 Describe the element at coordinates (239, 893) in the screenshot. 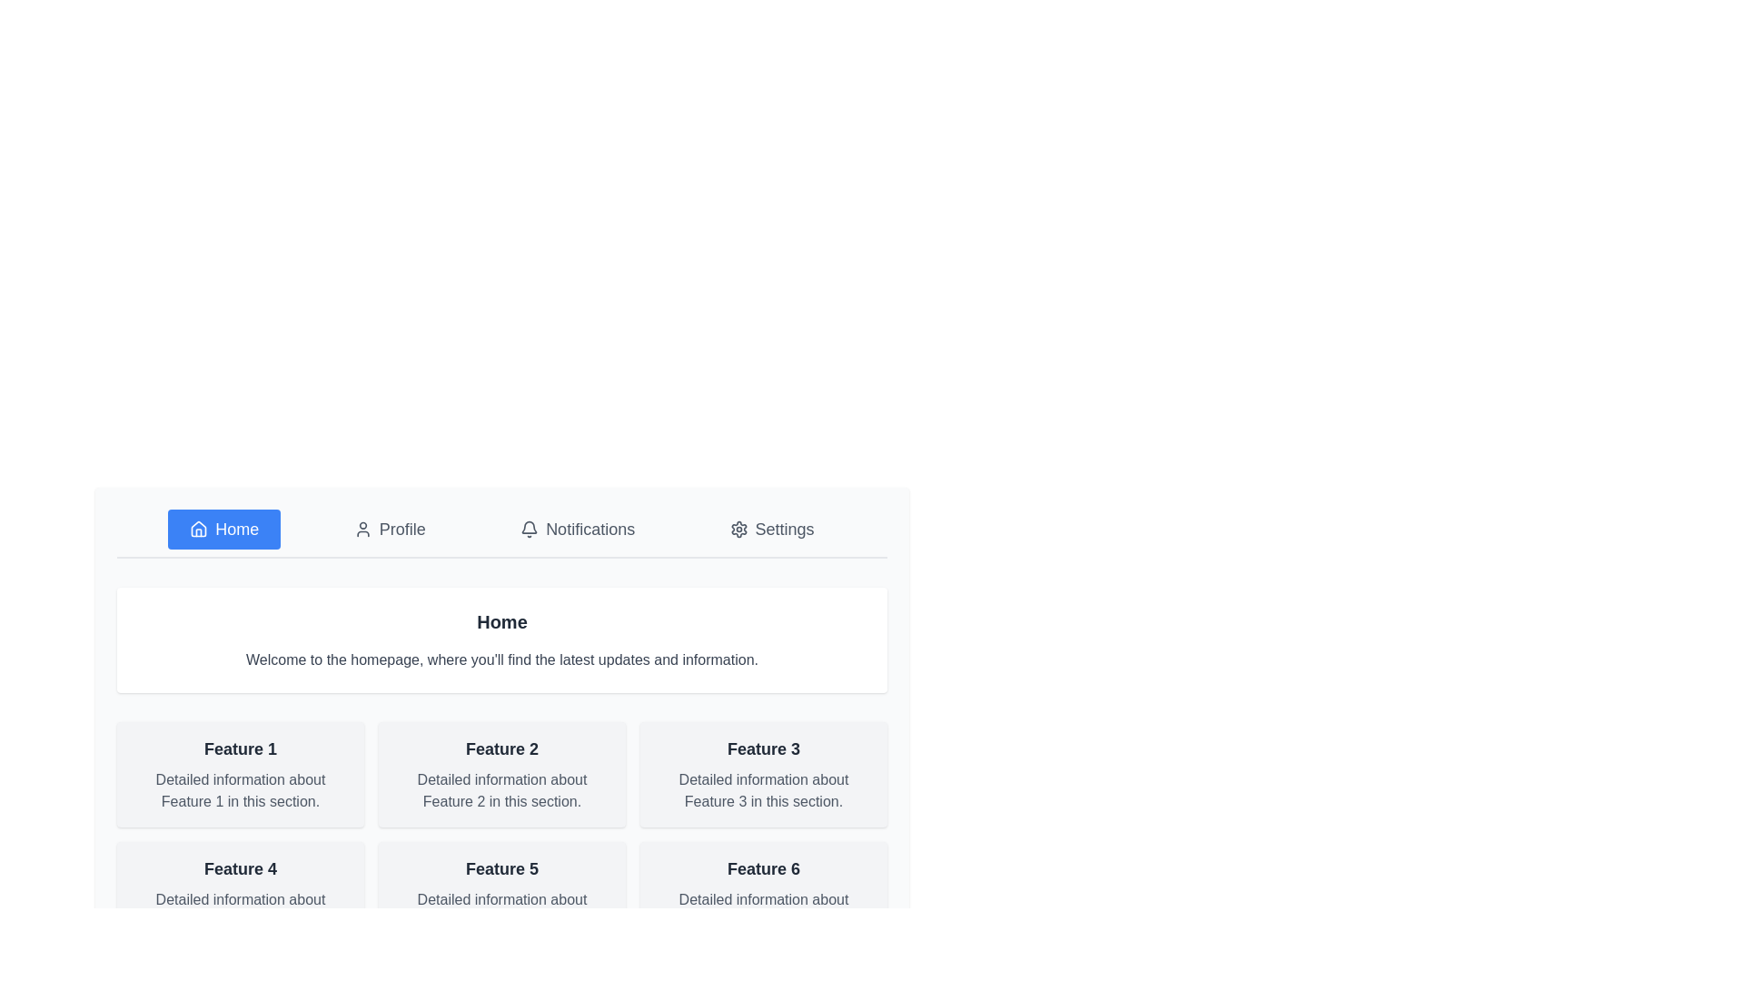

I see `information displayed on the Informational card titled 'Feature 4', which is a rectangular card with a light gray background located in the second row and first column of the grid layout` at that location.